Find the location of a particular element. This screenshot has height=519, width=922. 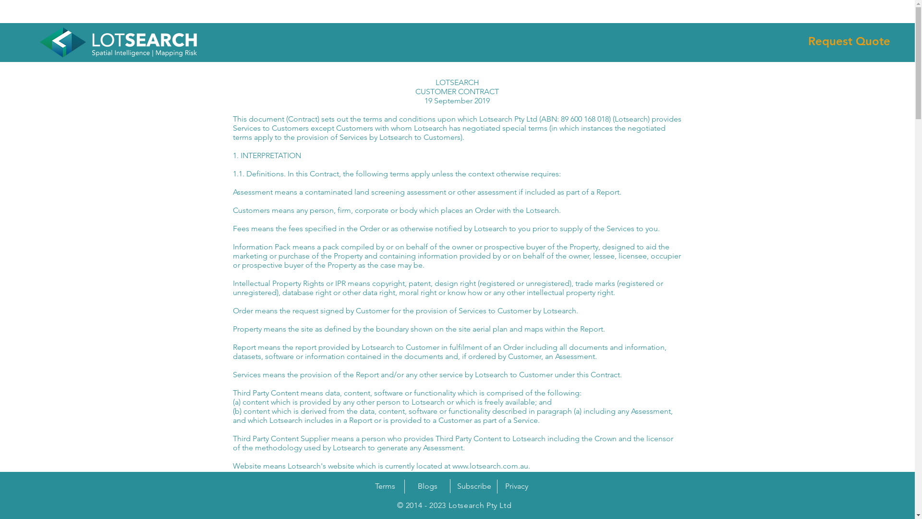

'Terms' is located at coordinates (370, 486).